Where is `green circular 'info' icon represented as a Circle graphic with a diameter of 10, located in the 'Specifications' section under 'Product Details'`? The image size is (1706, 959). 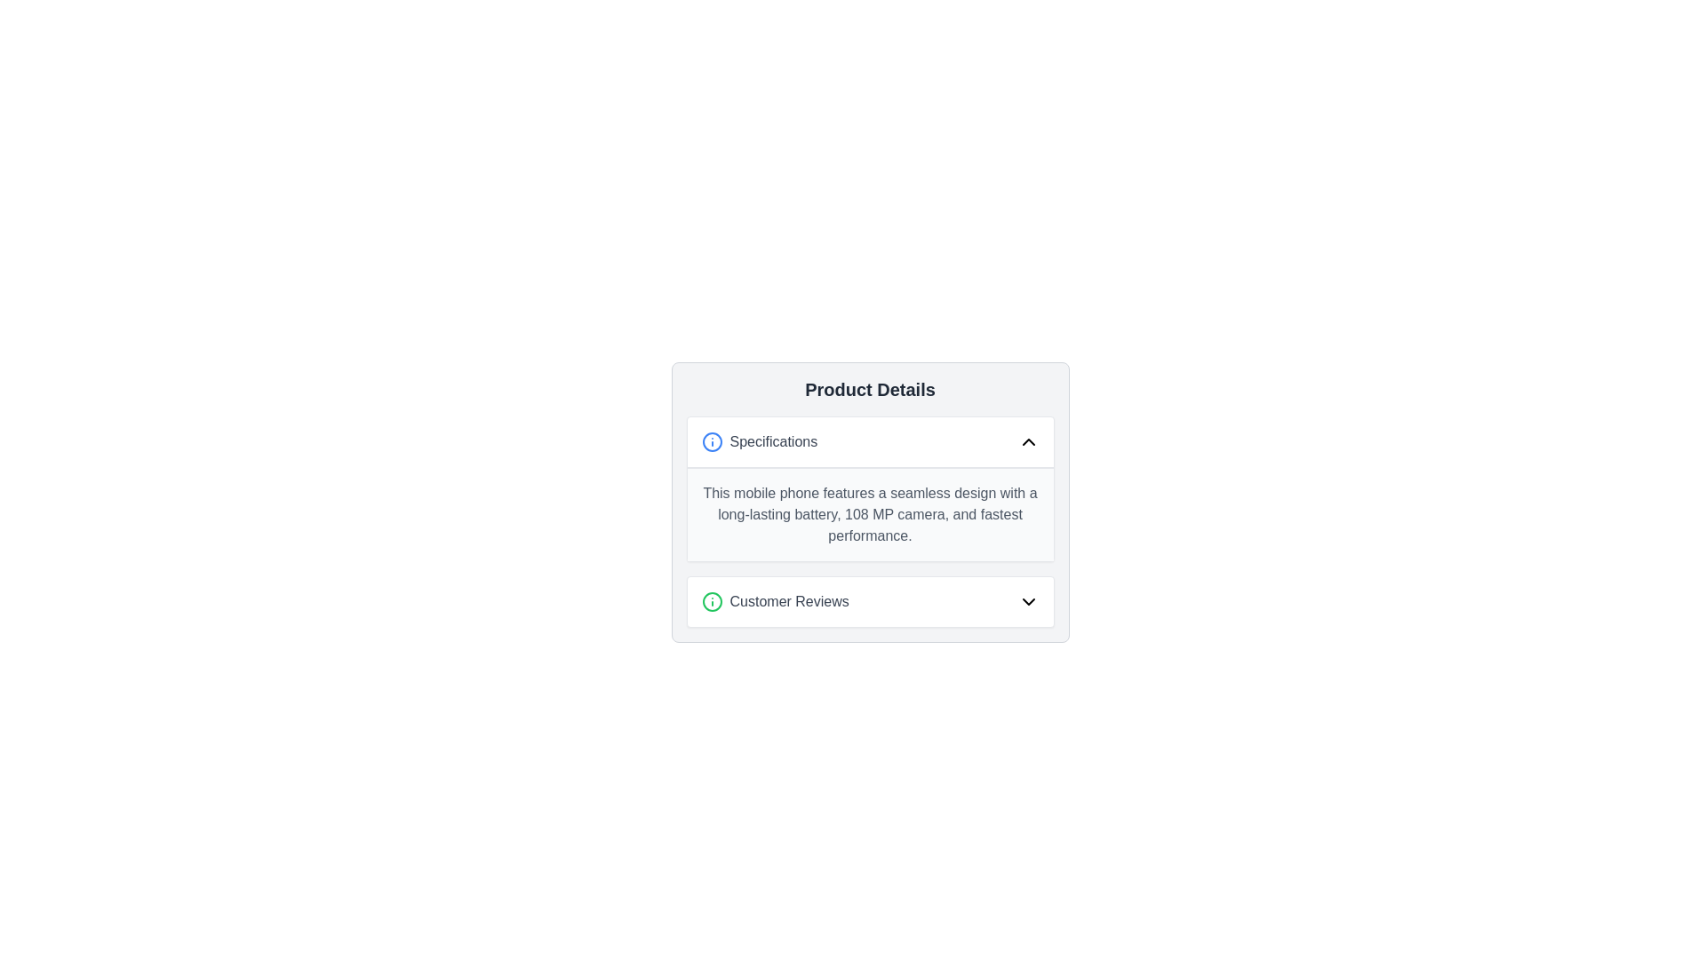 green circular 'info' icon represented as a Circle graphic with a diameter of 10, located in the 'Specifications' section under 'Product Details' is located at coordinates (712, 601).